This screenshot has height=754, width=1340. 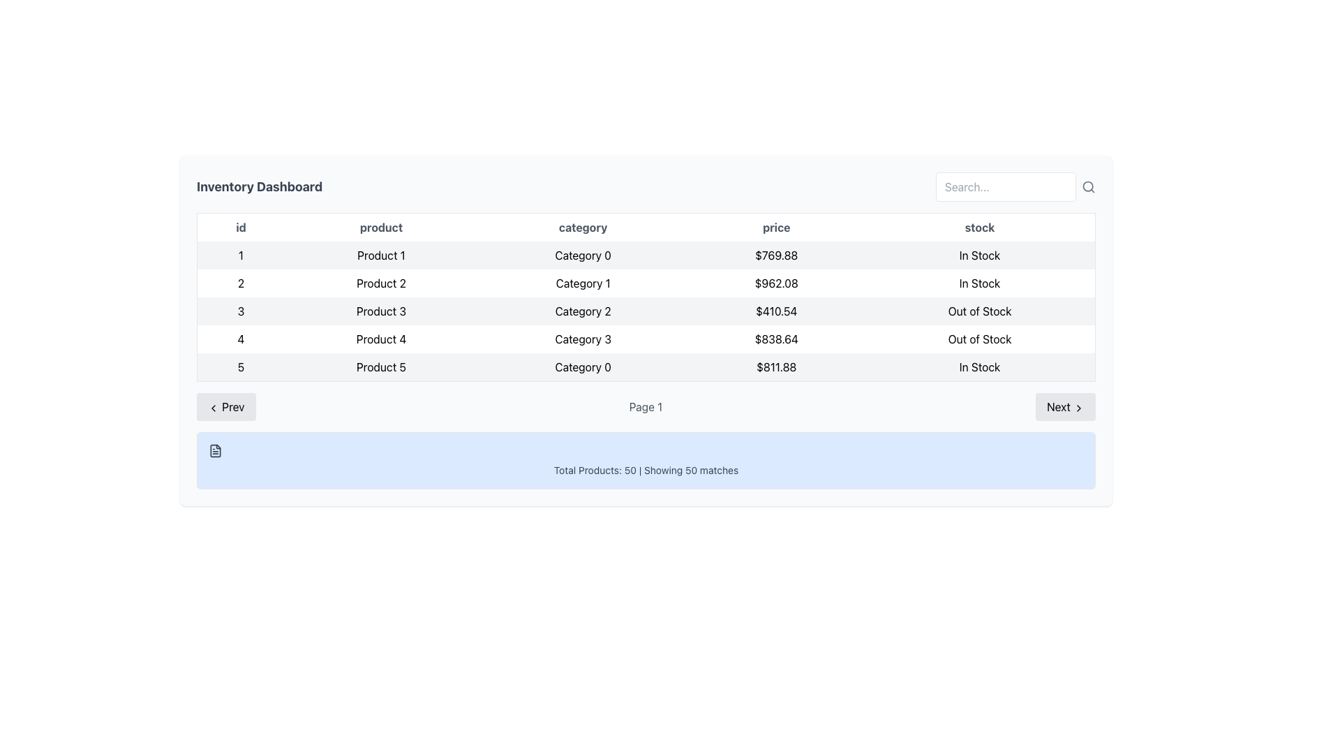 What do you see at coordinates (775, 283) in the screenshot?
I see `the price text label located in the fourth column of the second row of the inventory dashboard table` at bounding box center [775, 283].